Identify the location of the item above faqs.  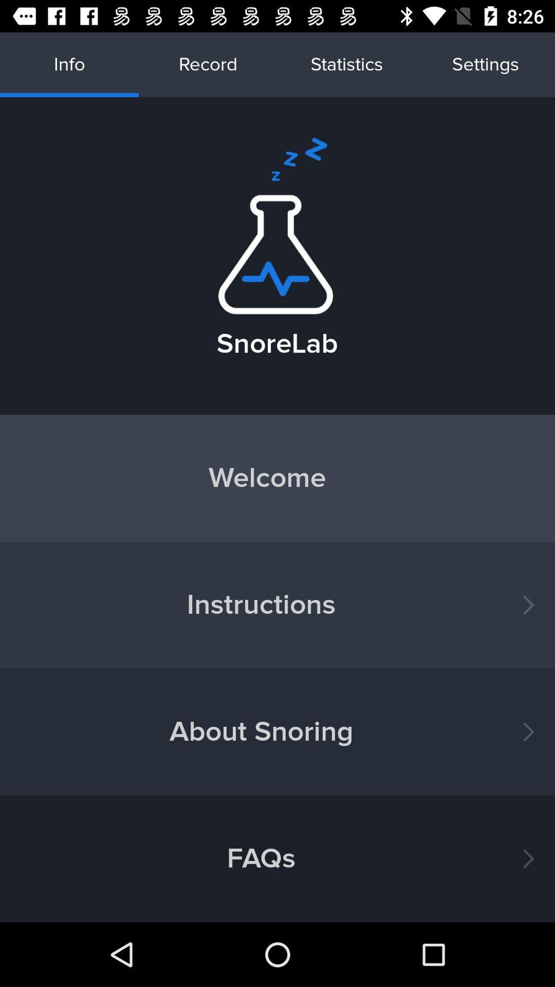
(277, 731).